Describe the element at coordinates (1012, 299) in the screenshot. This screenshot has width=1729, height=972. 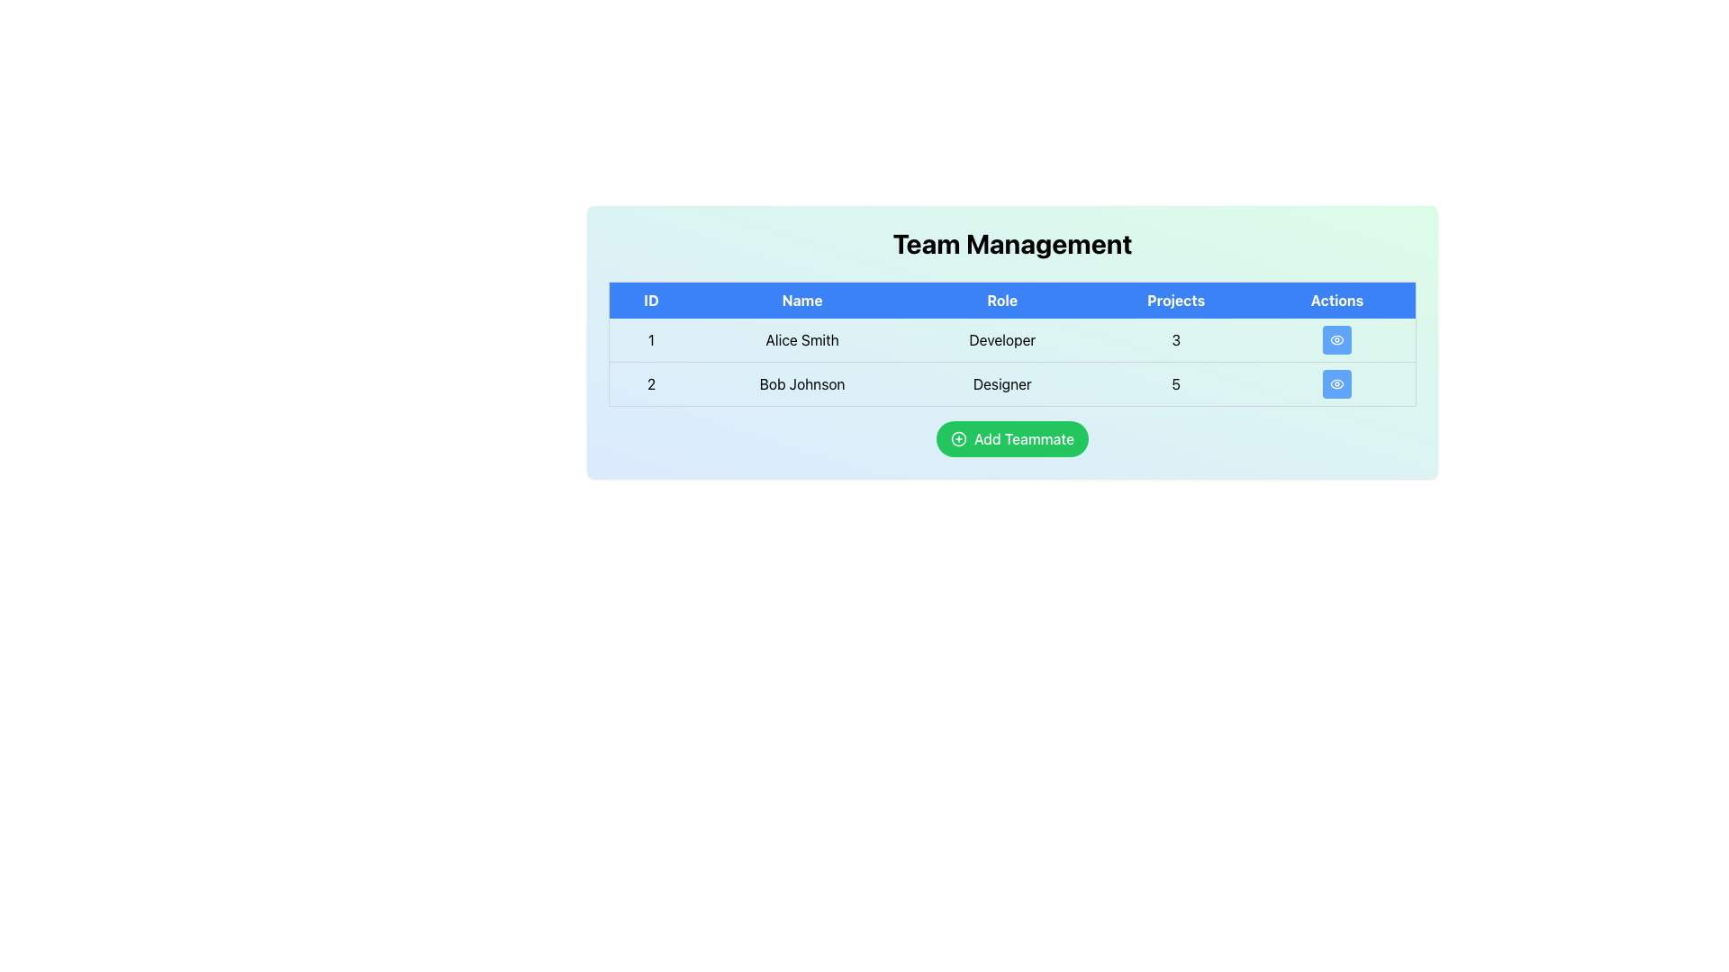
I see `the 'Role' header cell in the table, which is the third column header positioned between 'Name' and 'Projects'` at that location.